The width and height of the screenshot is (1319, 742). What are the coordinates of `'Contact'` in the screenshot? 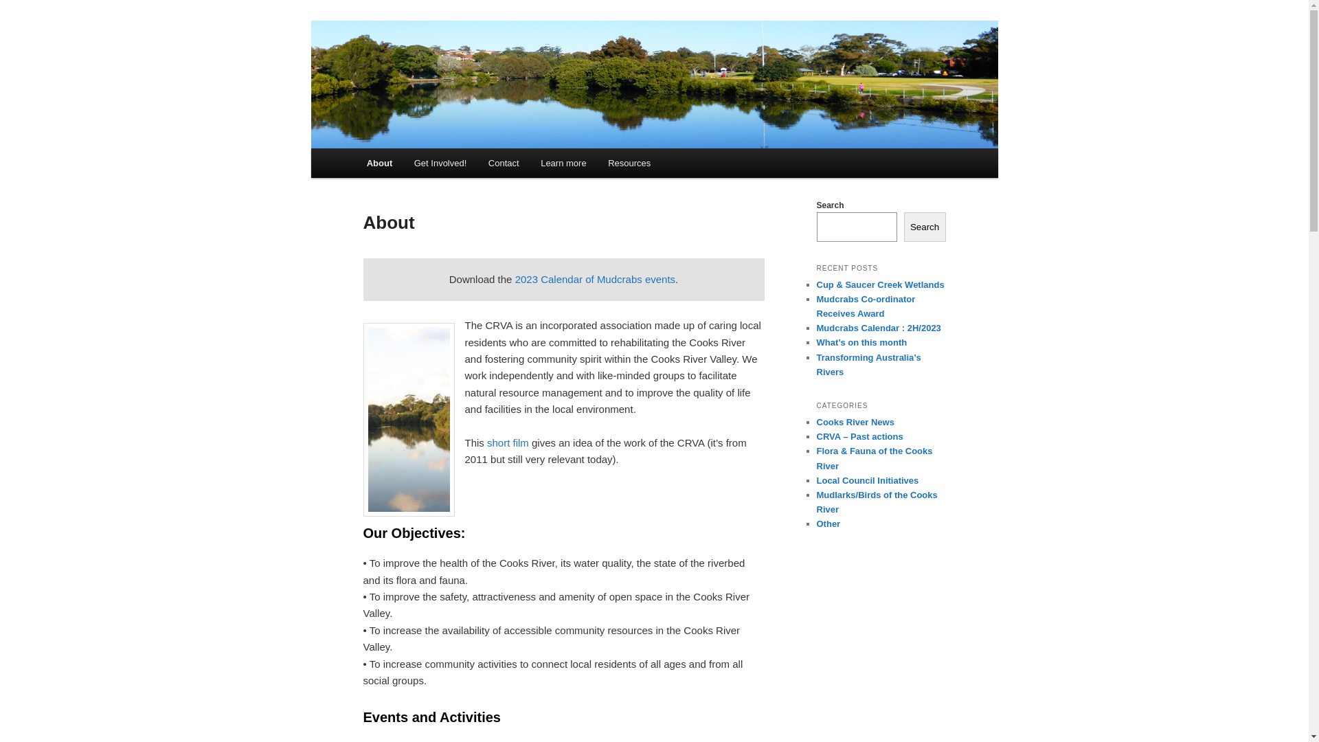 It's located at (503, 162).